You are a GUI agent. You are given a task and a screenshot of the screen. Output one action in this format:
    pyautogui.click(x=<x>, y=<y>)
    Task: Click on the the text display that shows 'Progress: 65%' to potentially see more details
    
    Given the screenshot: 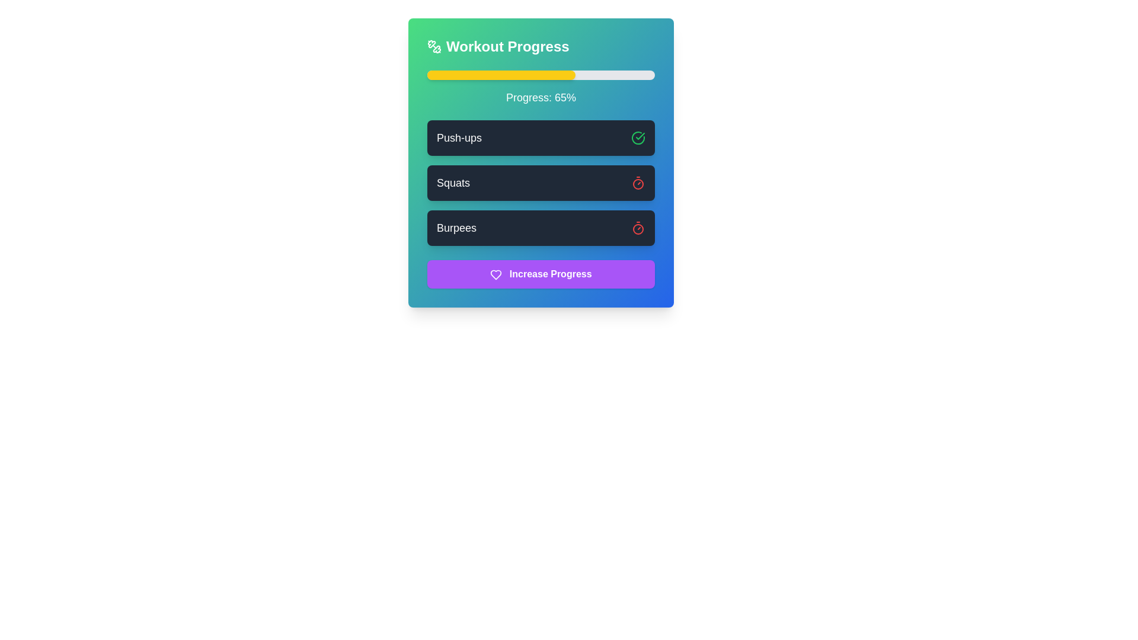 What is the action you would take?
    pyautogui.click(x=540, y=97)
    